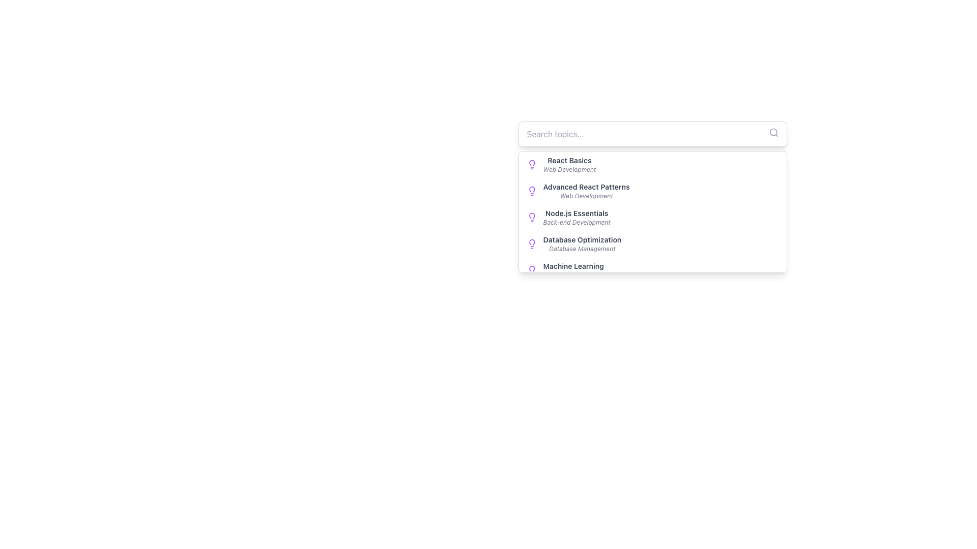  What do you see at coordinates (577, 213) in the screenshot?
I see `the topic title text label located in the third row of the selection menu` at bounding box center [577, 213].